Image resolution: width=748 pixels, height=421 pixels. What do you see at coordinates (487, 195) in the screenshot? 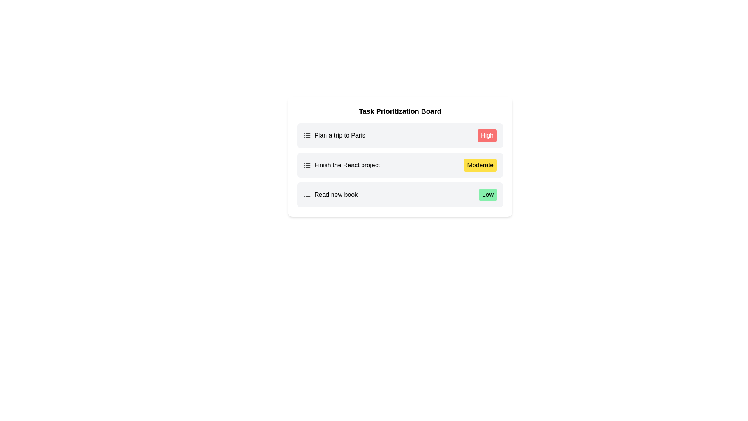
I see `the rectangular button with rounded corners and a green background labeled 'Low', located on the right side of the 'Read new book' row in the task prioritization board` at bounding box center [487, 195].